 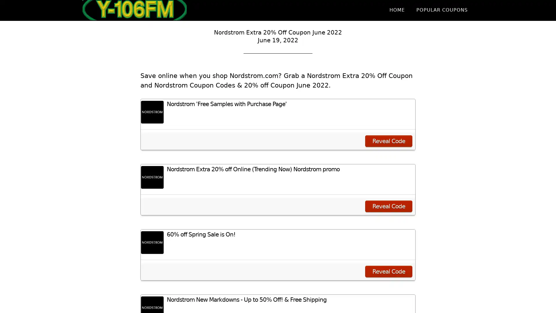 What do you see at coordinates (389, 272) in the screenshot?
I see `Reveal Code` at bounding box center [389, 272].